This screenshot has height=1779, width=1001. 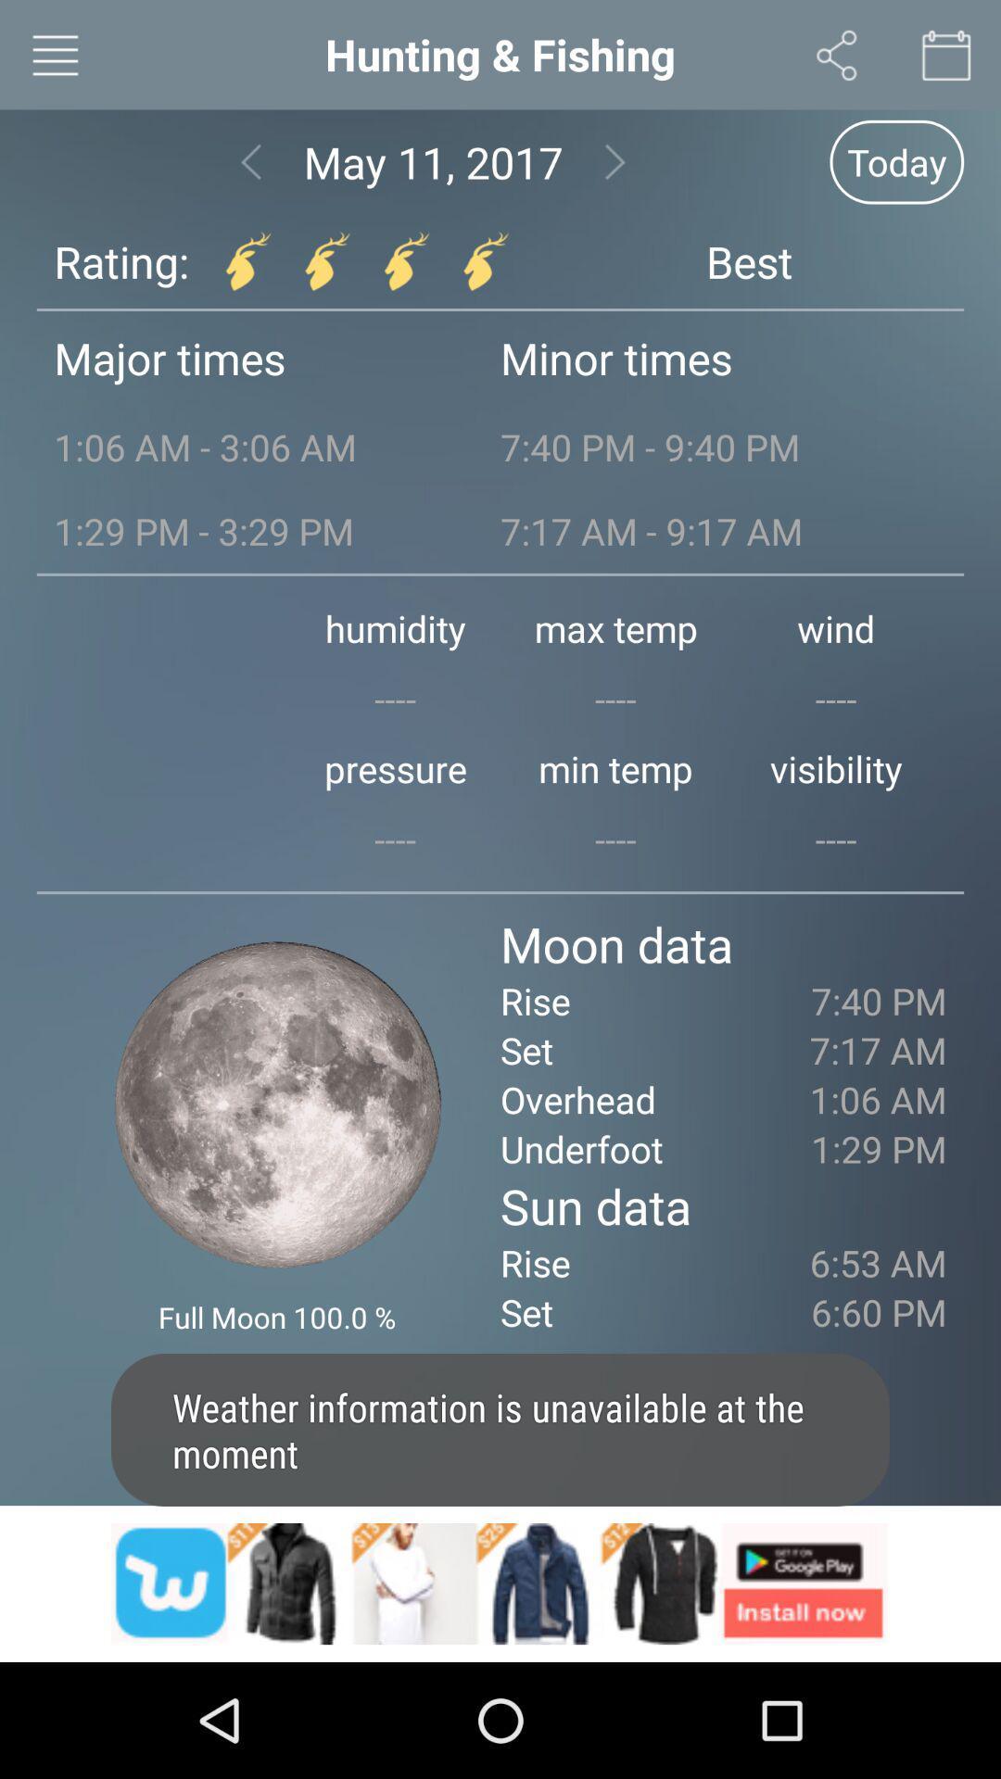 What do you see at coordinates (615, 173) in the screenshot?
I see `the arrow_forward icon` at bounding box center [615, 173].